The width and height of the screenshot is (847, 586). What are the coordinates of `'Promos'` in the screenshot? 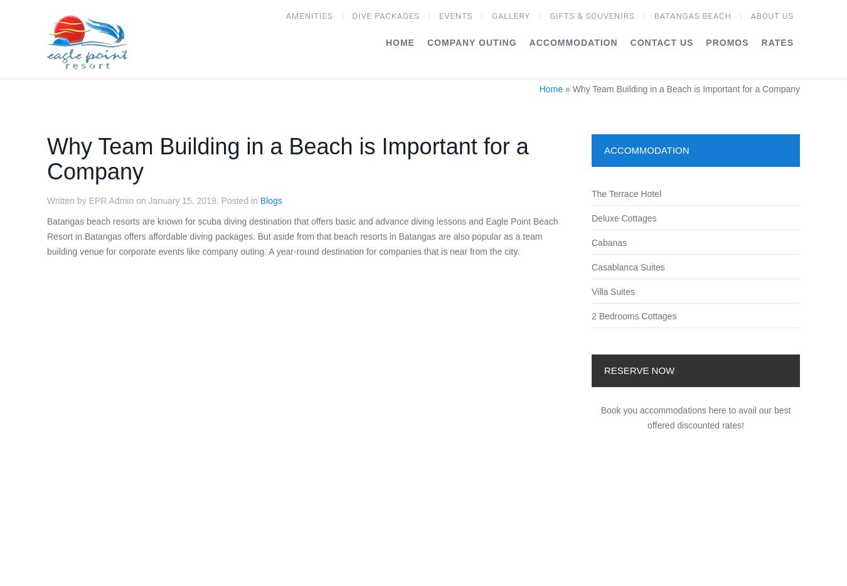 It's located at (726, 41).